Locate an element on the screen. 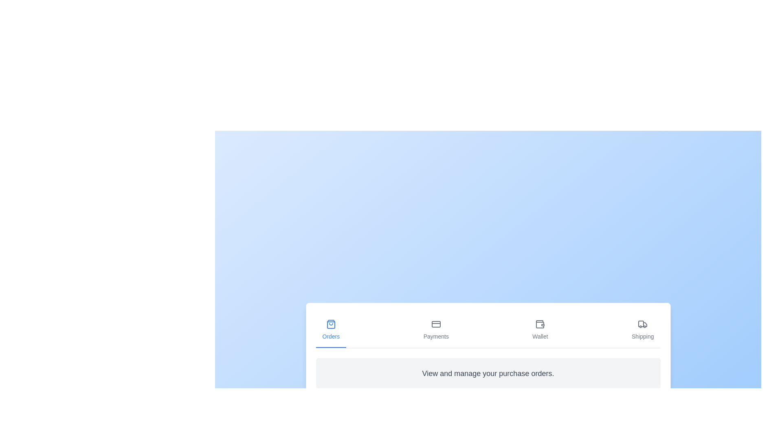 The height and width of the screenshot is (440, 782). the Text label that provides descriptive information related to managing purchase orders, located below the navigation bar with labels such as 'Orders', 'Payments', 'Wallet', and 'Shipping' is located at coordinates (488, 373).